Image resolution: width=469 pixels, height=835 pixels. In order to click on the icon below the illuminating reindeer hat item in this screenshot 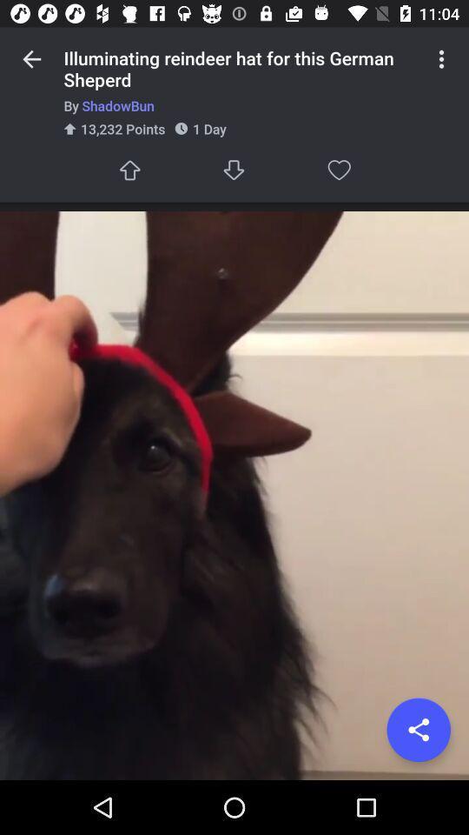, I will do `click(241, 104)`.